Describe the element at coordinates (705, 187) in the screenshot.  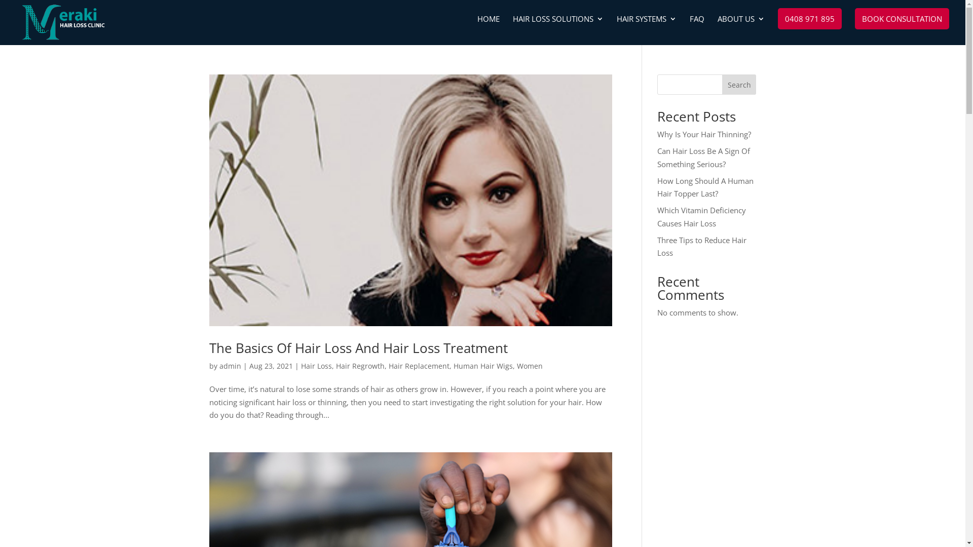
I see `'How Long Should A Human Hair Topper Last?'` at that location.